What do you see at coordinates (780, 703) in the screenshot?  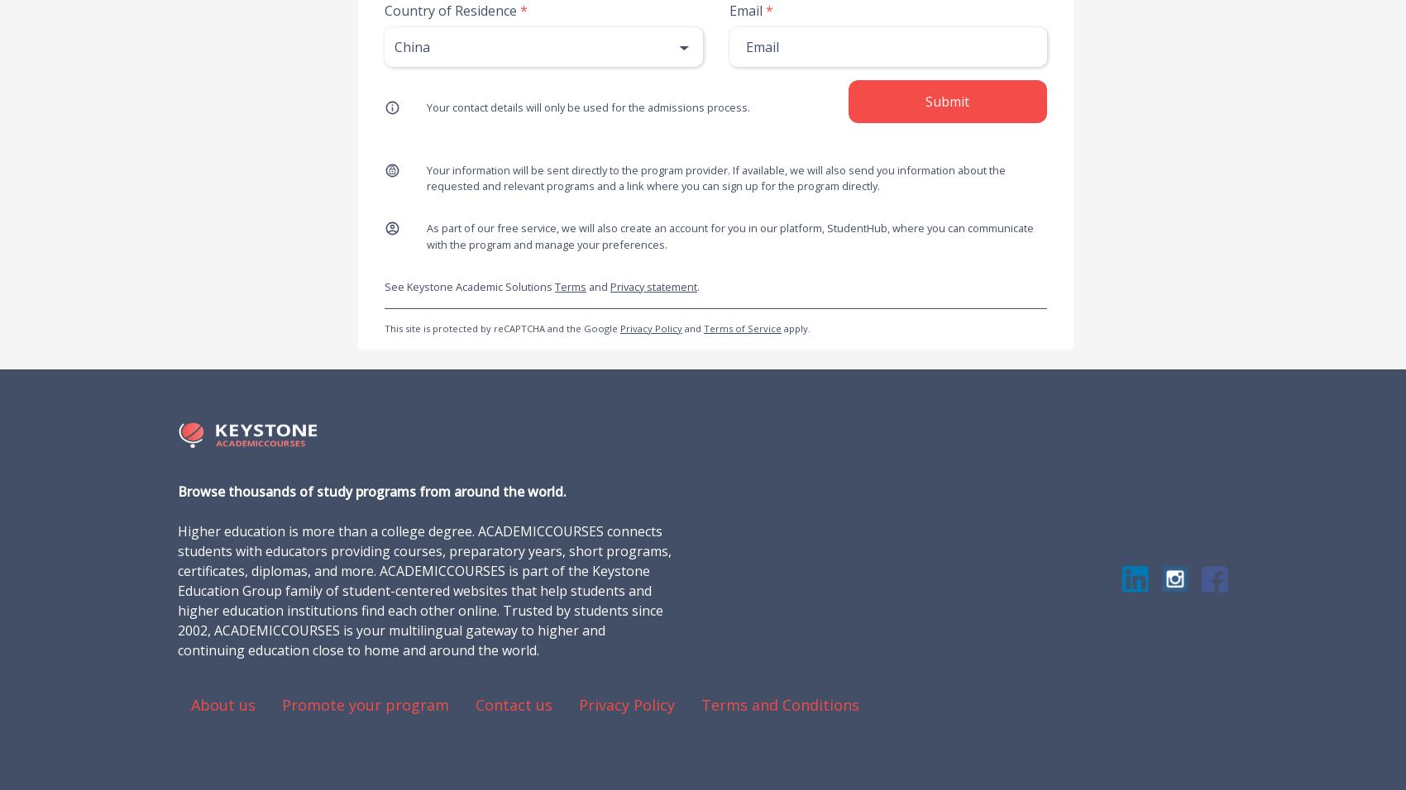 I see `'Terms and Conditions'` at bounding box center [780, 703].